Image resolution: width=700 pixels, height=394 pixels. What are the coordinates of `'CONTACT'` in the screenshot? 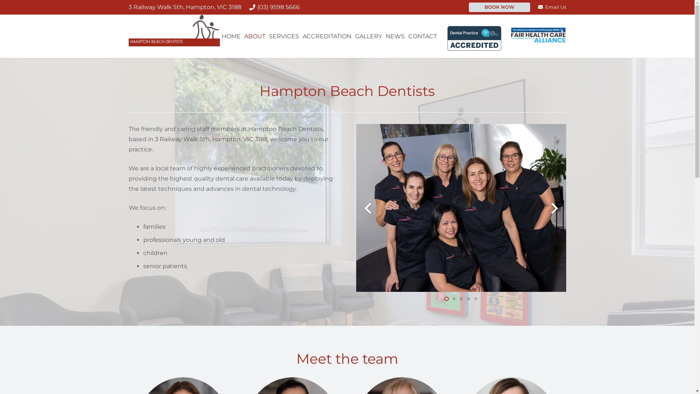 It's located at (422, 36).